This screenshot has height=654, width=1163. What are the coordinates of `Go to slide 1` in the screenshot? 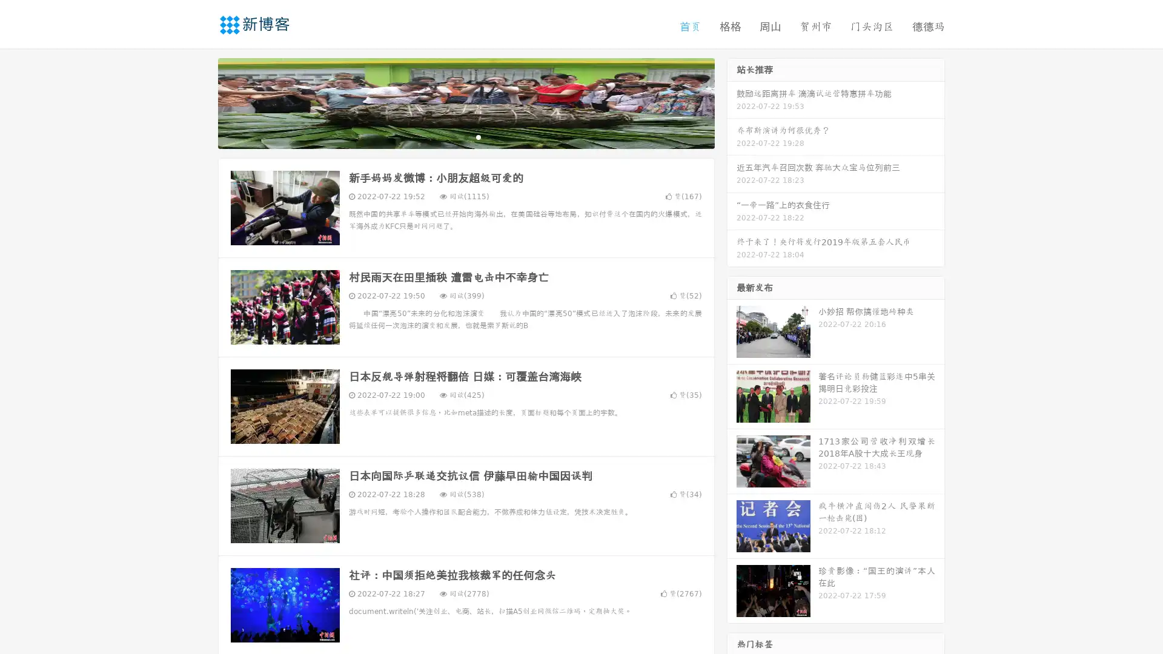 It's located at (453, 136).